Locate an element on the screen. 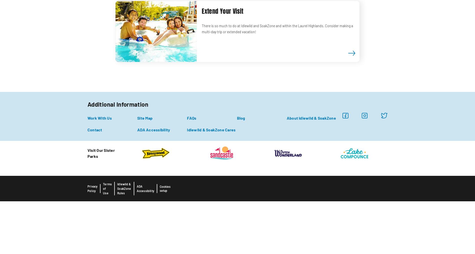 This screenshot has width=475, height=254. 'Cookies setup' is located at coordinates (165, 188).